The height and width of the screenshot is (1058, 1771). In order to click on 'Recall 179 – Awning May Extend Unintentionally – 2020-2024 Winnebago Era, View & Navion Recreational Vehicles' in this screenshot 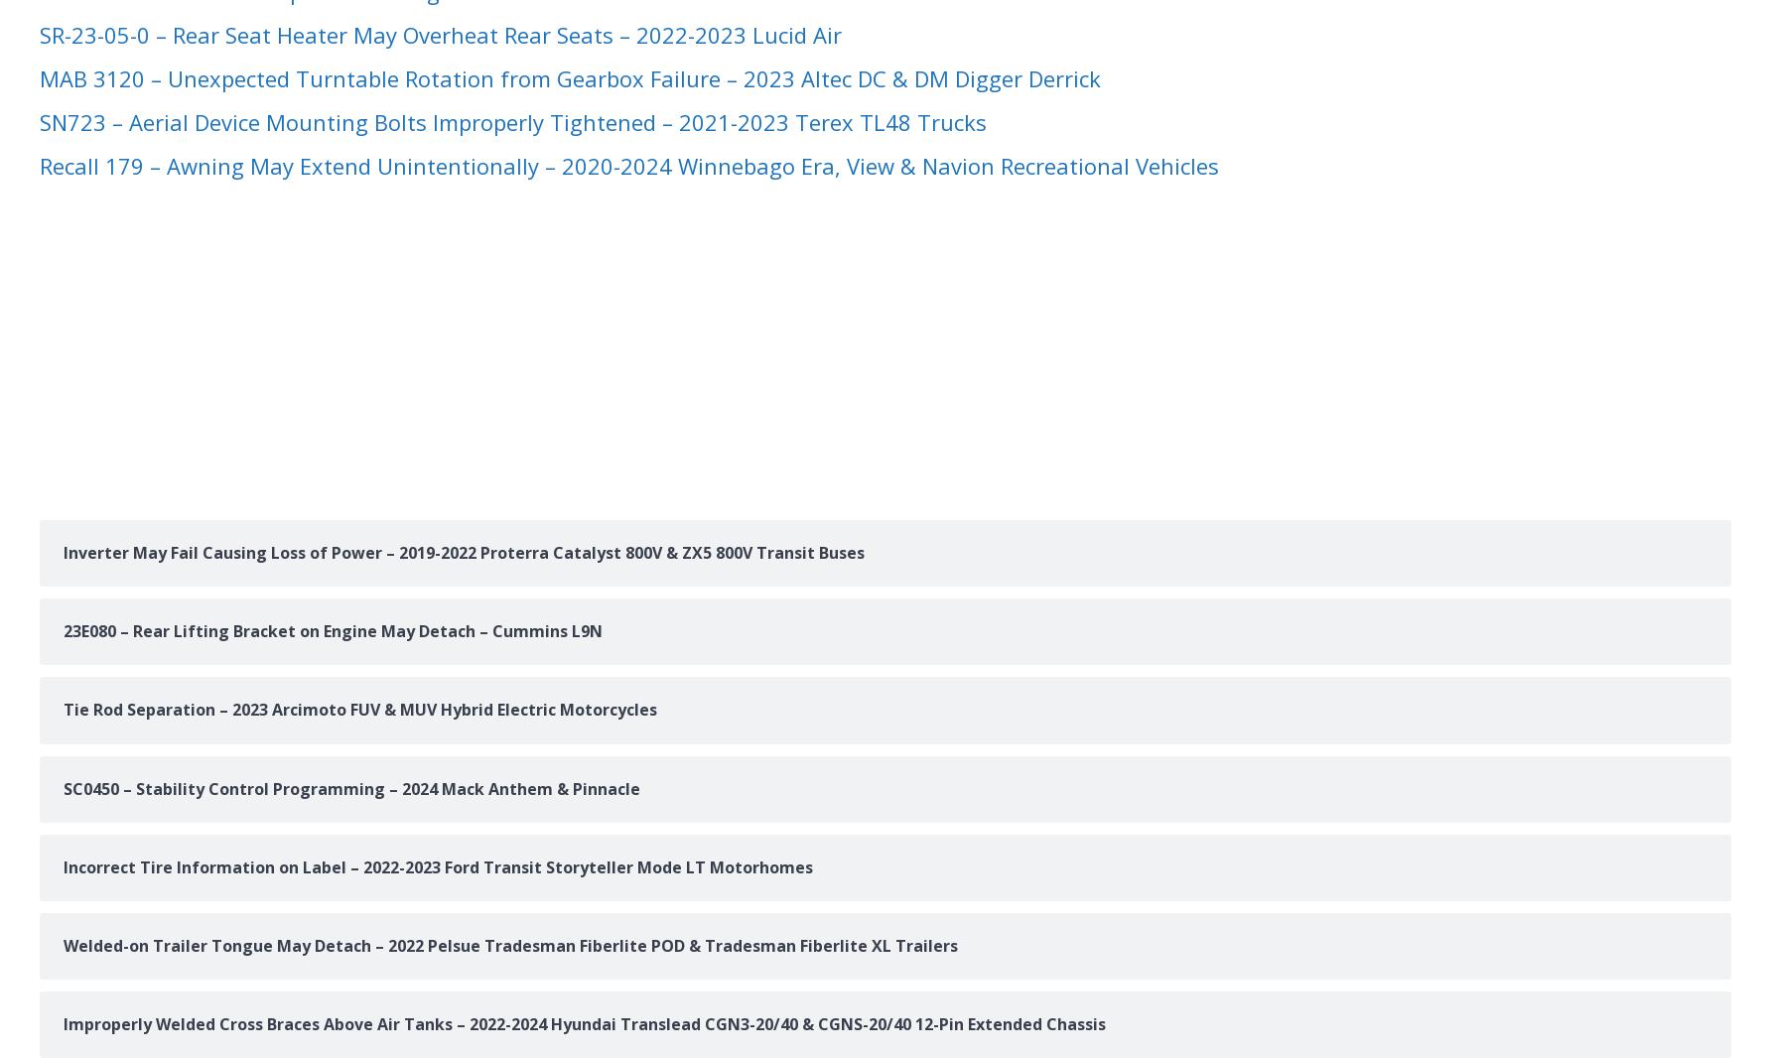, I will do `click(628, 165)`.